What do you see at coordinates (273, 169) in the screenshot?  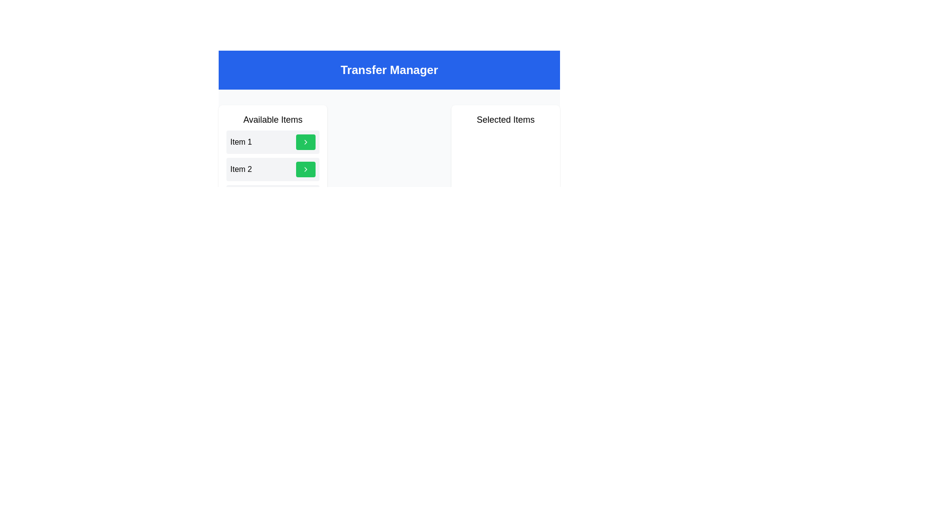 I see `the second item in the 'Available Items' panel` at bounding box center [273, 169].